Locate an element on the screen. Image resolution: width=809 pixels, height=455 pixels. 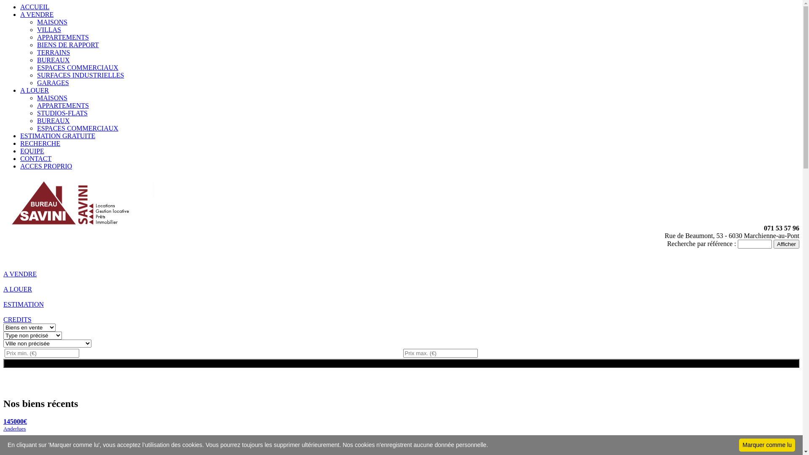
'BUREAUX' is located at coordinates (53, 120).